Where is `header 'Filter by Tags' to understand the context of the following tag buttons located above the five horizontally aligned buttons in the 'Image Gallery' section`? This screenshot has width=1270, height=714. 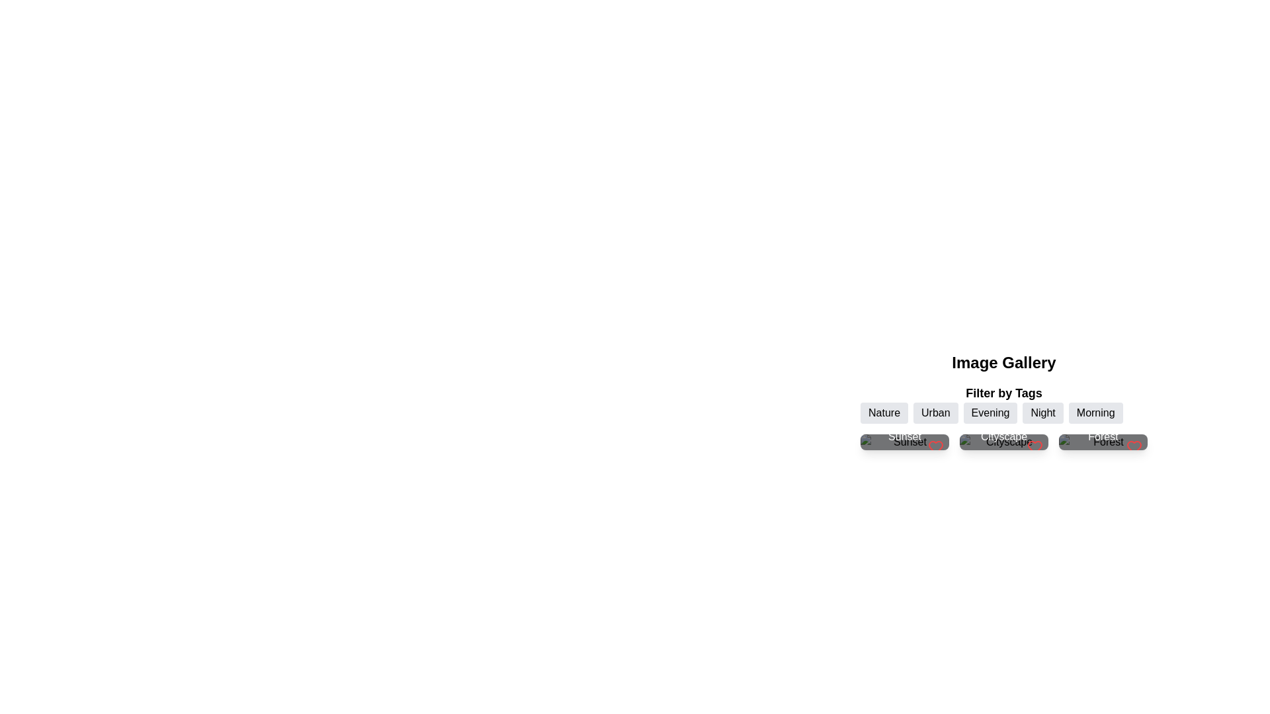 header 'Filter by Tags' to understand the context of the following tag buttons located above the five horizontally aligned buttons in the 'Image Gallery' section is located at coordinates (1003, 403).